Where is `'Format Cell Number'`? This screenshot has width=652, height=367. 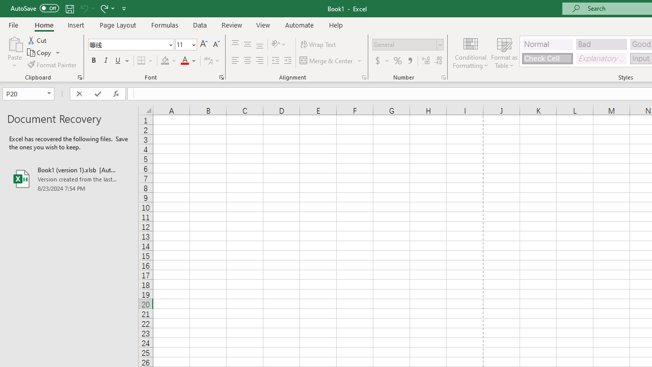
'Format Cell Number' is located at coordinates (444, 76).